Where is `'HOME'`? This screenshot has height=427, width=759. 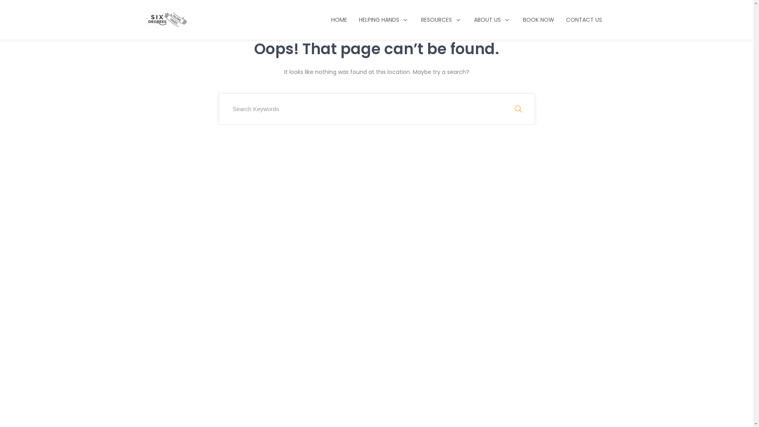
'HOME' is located at coordinates (339, 19).